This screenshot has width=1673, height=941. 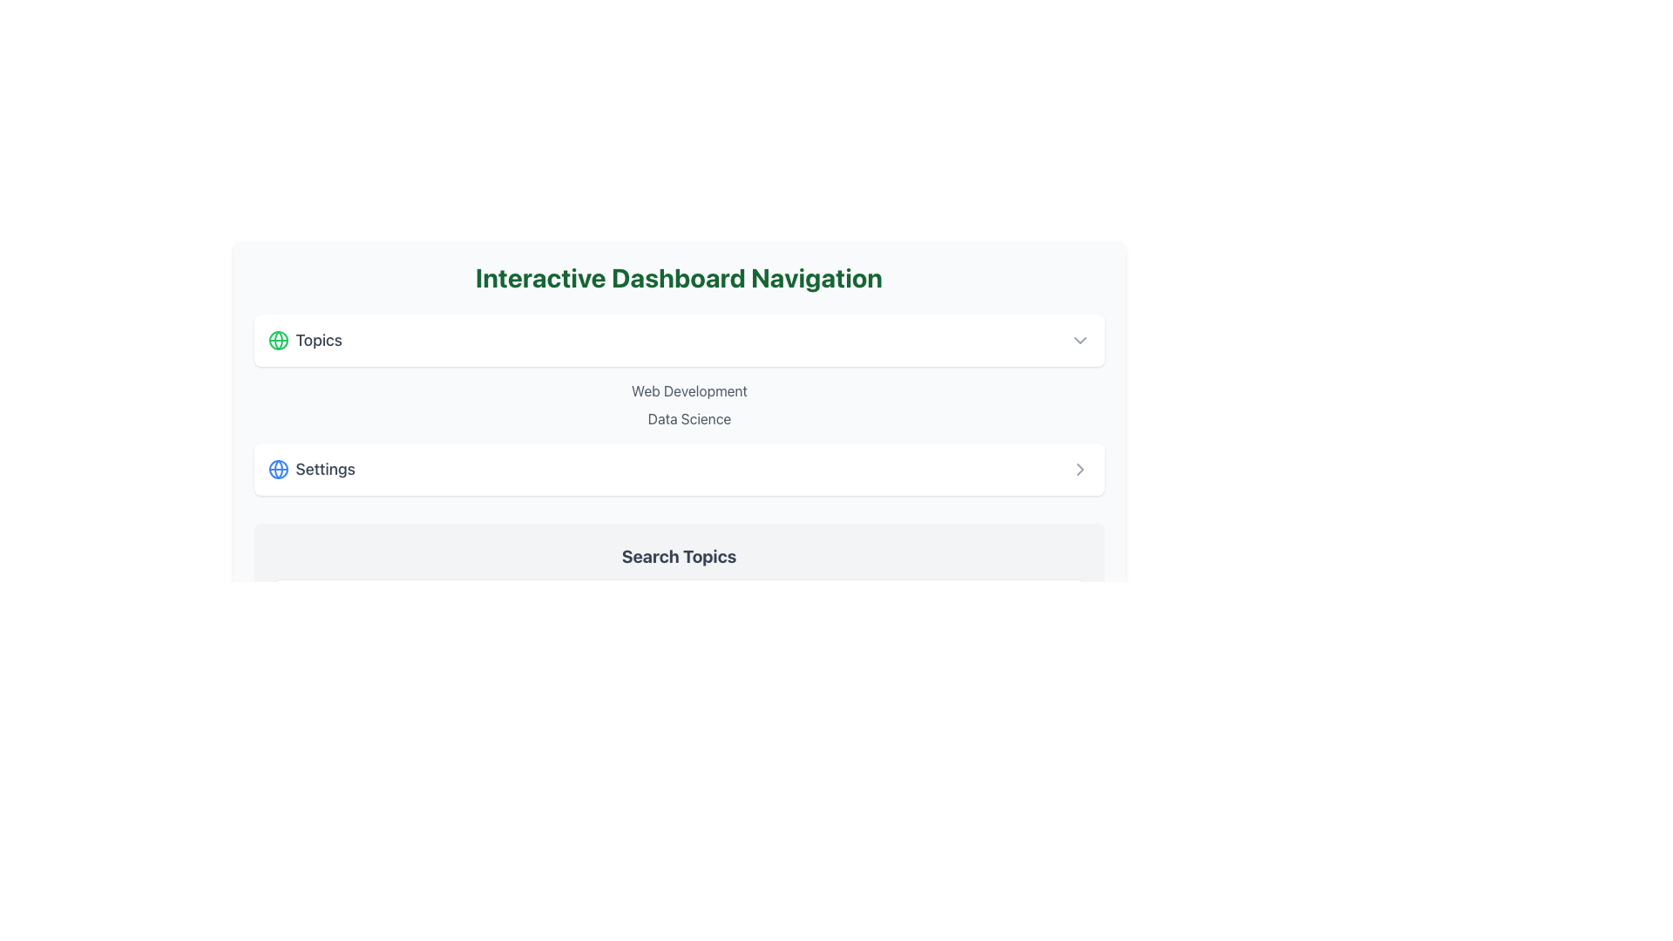 I want to click on the Dropdown trigger button located in the first row of the 'Interactive Dashboard Navigation' section, so click(x=678, y=340).